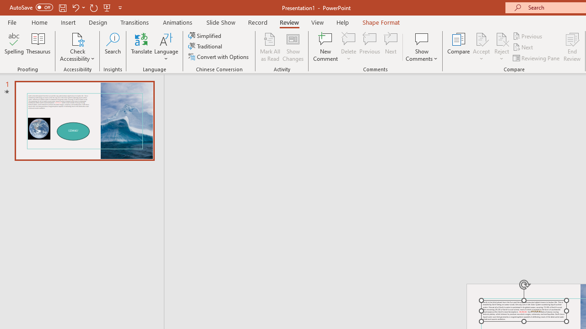 The height and width of the screenshot is (329, 586). Describe the element at coordinates (571, 47) in the screenshot. I see `'End Review'` at that location.